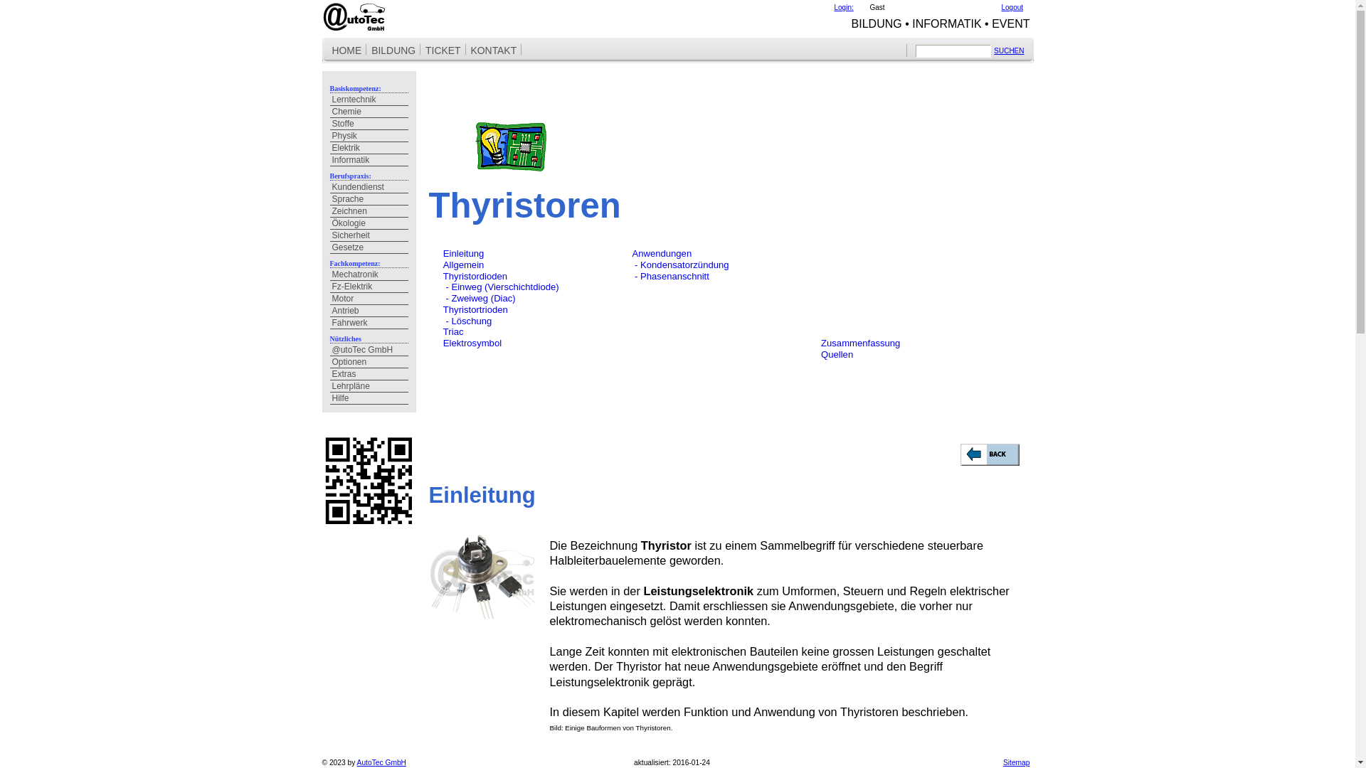 The height and width of the screenshot is (768, 1366). What do you see at coordinates (329, 99) in the screenshot?
I see `'Lerntechnik'` at bounding box center [329, 99].